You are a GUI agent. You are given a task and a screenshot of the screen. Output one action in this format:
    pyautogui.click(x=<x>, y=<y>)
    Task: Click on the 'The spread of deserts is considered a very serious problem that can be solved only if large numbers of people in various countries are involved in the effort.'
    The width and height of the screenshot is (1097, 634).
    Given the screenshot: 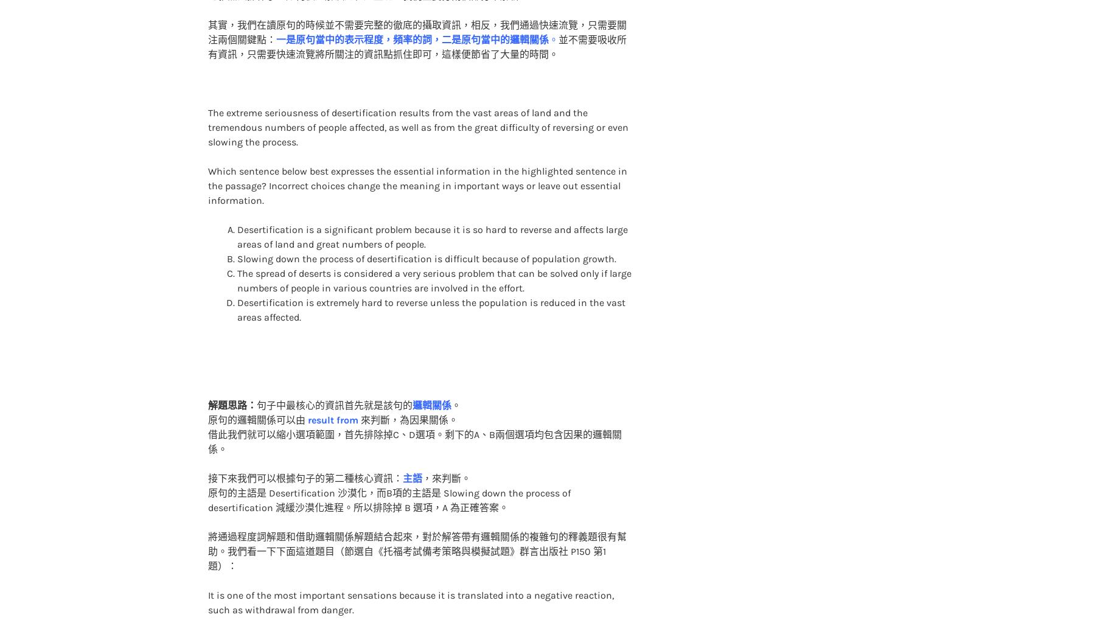 What is the action you would take?
    pyautogui.click(x=236, y=256)
    